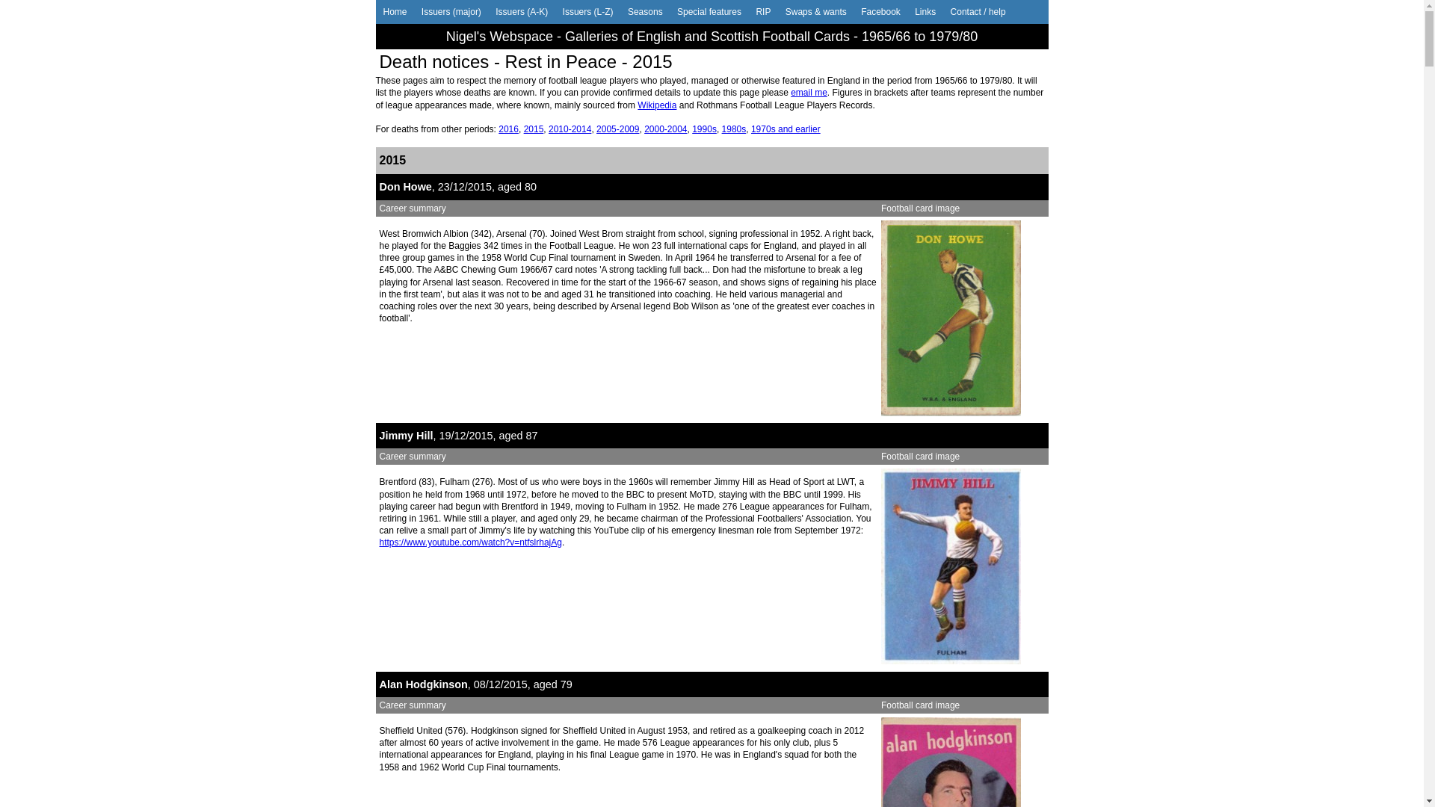 This screenshot has height=807, width=1435. What do you see at coordinates (734, 129) in the screenshot?
I see `'1980s'` at bounding box center [734, 129].